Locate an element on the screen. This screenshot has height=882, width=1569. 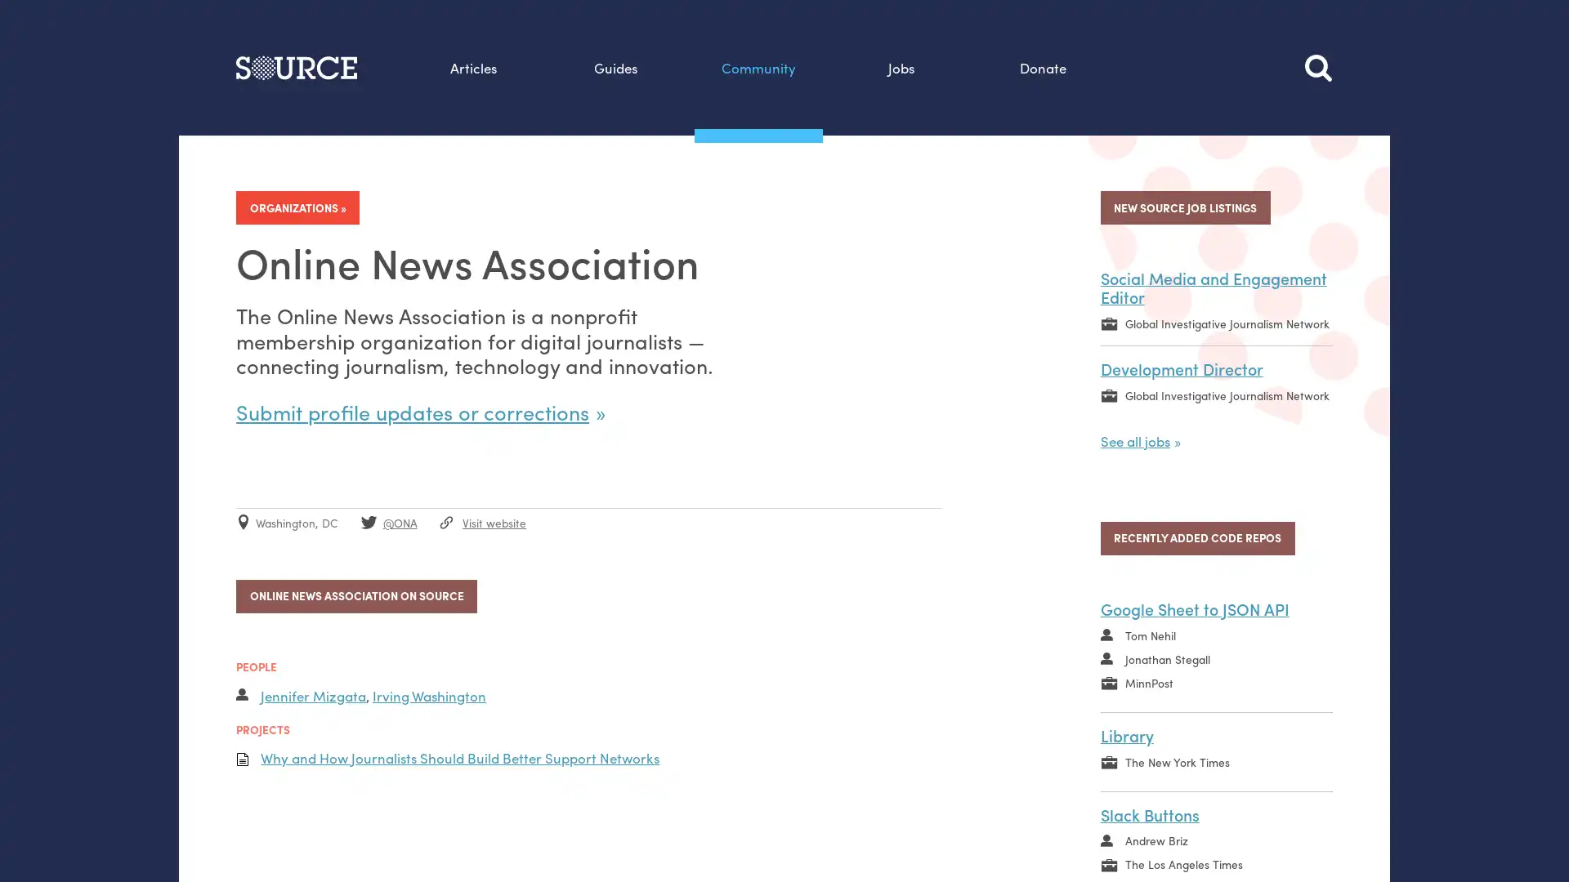
Search this site is located at coordinates (178, 135).